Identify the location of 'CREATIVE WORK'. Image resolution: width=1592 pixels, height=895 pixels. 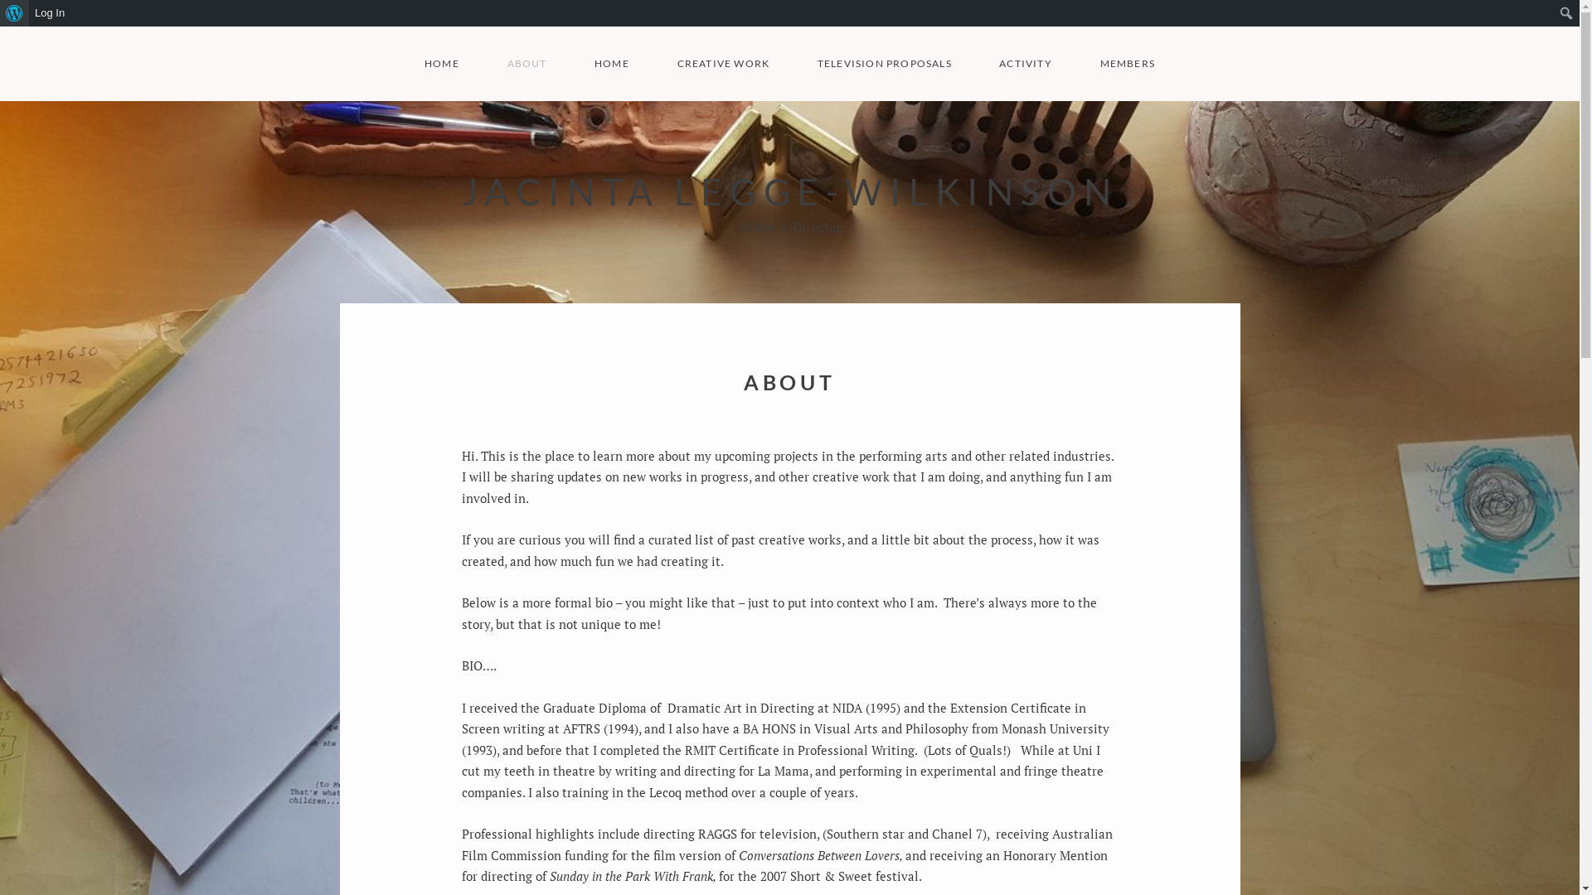
(723, 63).